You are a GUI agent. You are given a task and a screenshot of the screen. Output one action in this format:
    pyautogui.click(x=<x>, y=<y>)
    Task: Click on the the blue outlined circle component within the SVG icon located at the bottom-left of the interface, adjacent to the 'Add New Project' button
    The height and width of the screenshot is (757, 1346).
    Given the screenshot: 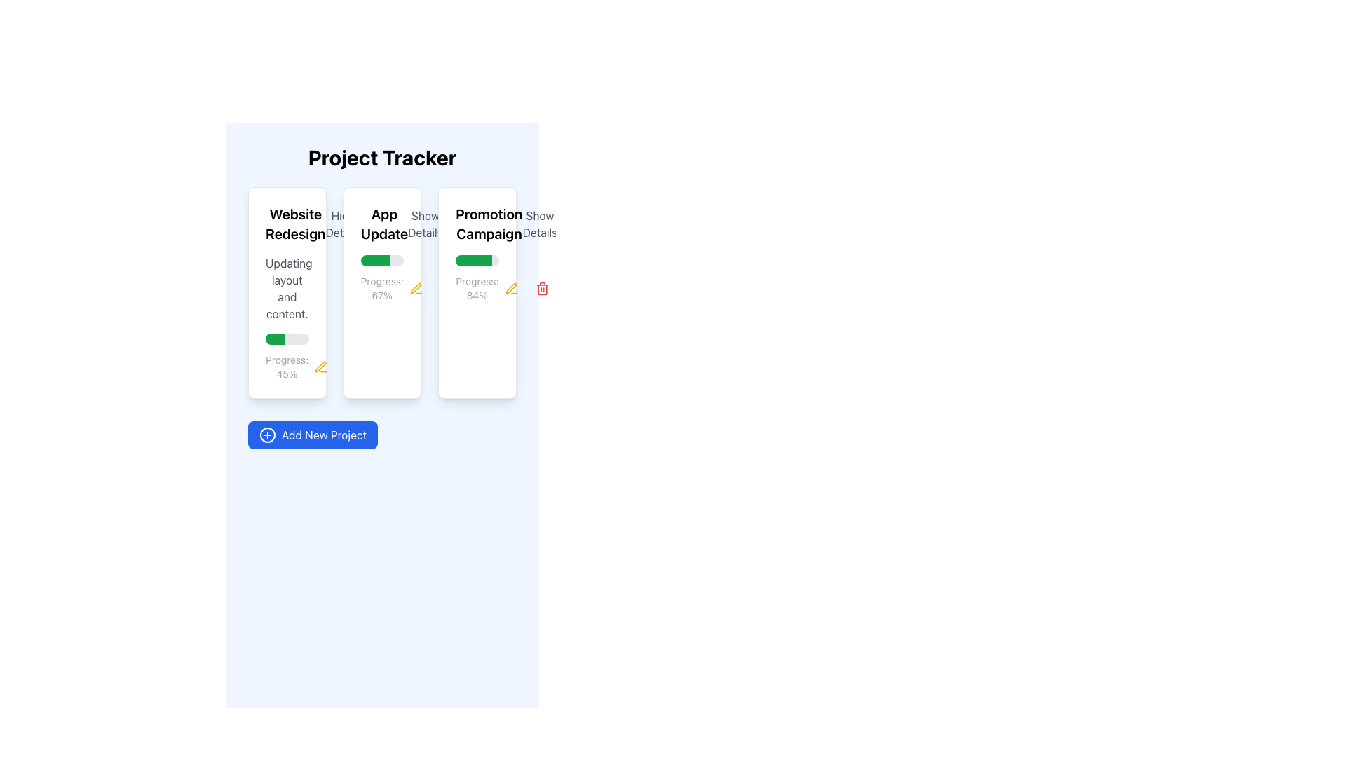 What is the action you would take?
    pyautogui.click(x=268, y=435)
    